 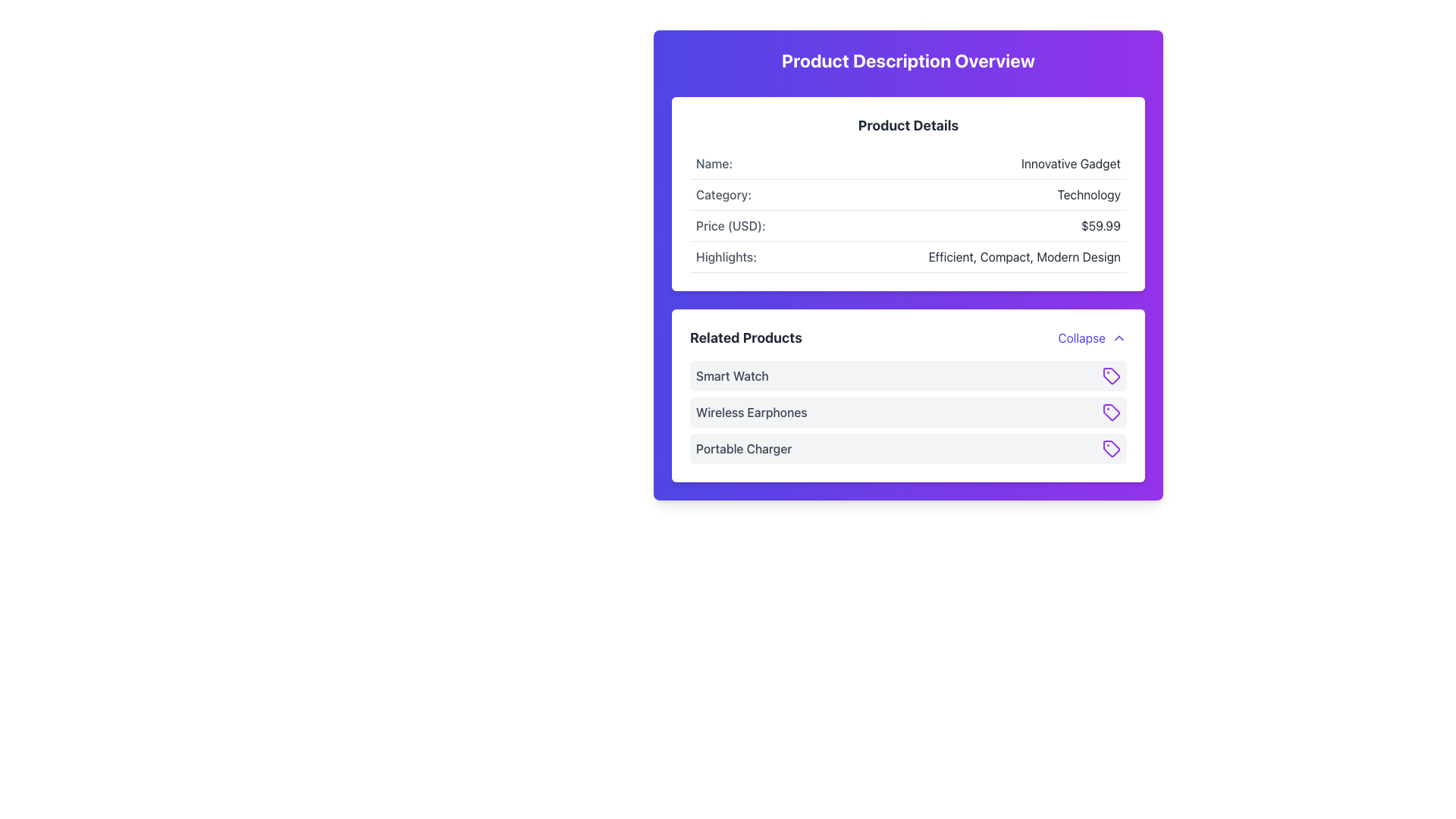 What do you see at coordinates (1111, 447) in the screenshot?
I see `the third icon in the 'Related Products' section, which is styled as a tag with a purple border and a small purple dot` at bounding box center [1111, 447].